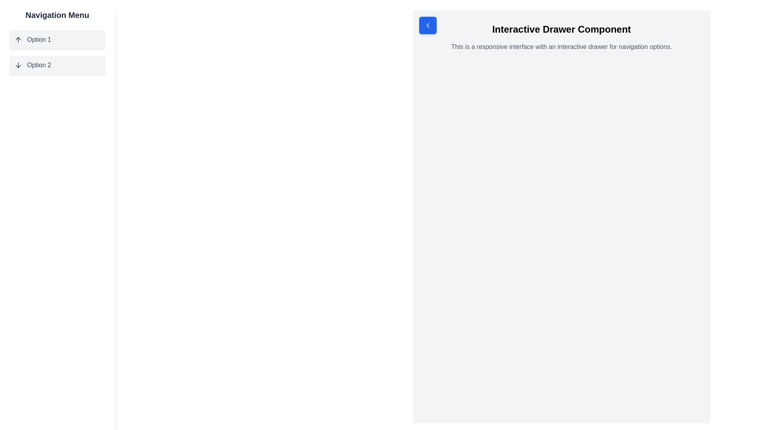 The height and width of the screenshot is (430, 765). Describe the element at coordinates (39, 65) in the screenshot. I see `the text label displaying 'Option 2', which is styled with a dark gray font and positioned within a light gray rounded rectangle in the navigation menu` at that location.